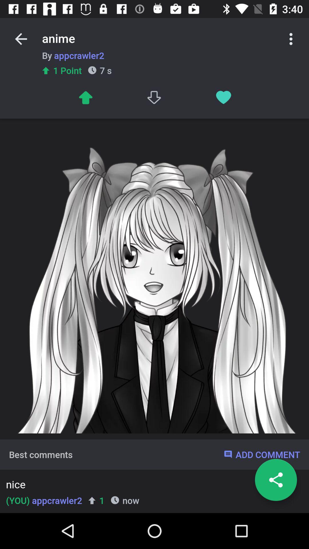  What do you see at coordinates (154, 98) in the screenshot?
I see `the arrow_downward icon` at bounding box center [154, 98].